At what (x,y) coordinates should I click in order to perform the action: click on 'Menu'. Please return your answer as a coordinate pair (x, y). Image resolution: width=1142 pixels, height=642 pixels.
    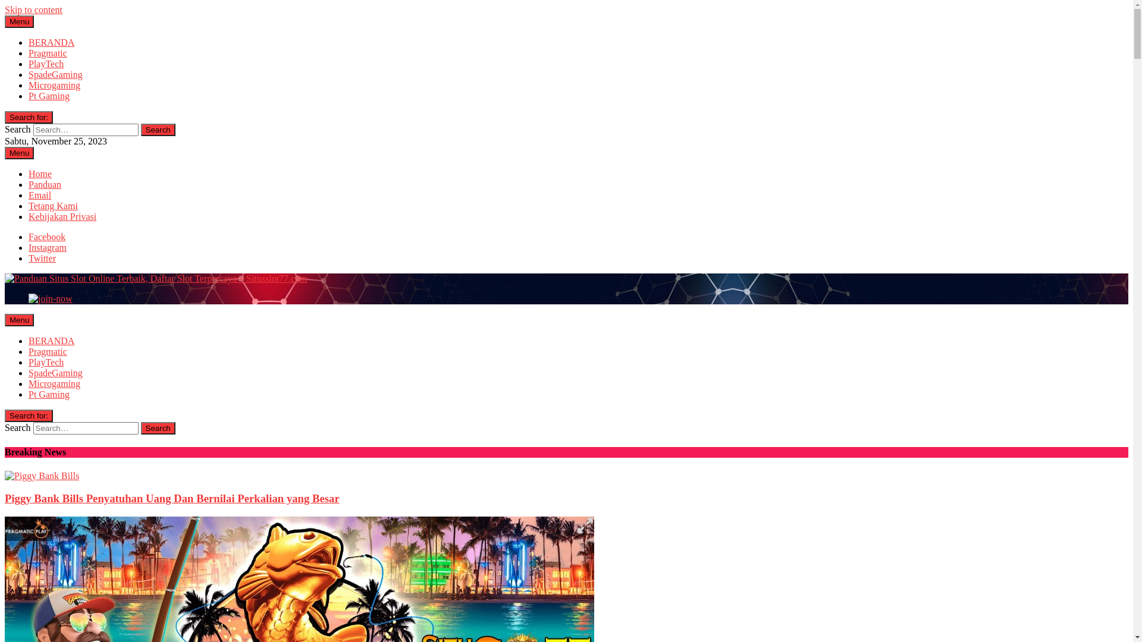
    Looking at the image, I should click on (19, 152).